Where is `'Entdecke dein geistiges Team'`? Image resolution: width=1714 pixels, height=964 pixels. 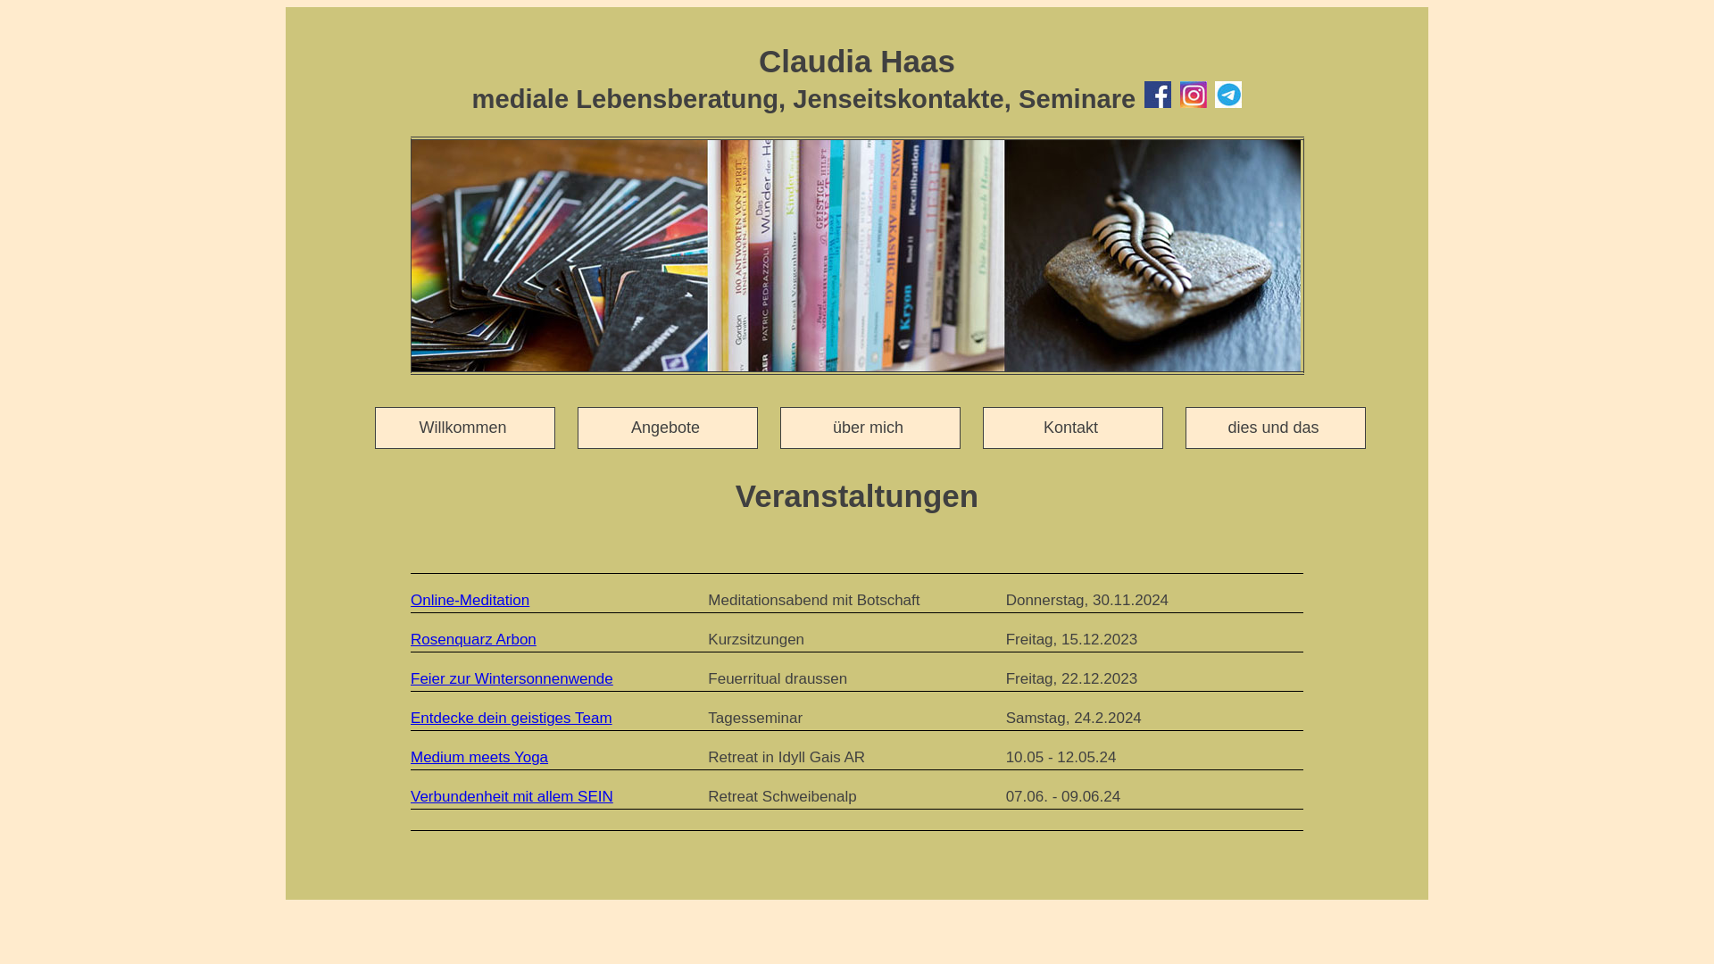 'Entdecke dein geistiges Team' is located at coordinates (410, 717).